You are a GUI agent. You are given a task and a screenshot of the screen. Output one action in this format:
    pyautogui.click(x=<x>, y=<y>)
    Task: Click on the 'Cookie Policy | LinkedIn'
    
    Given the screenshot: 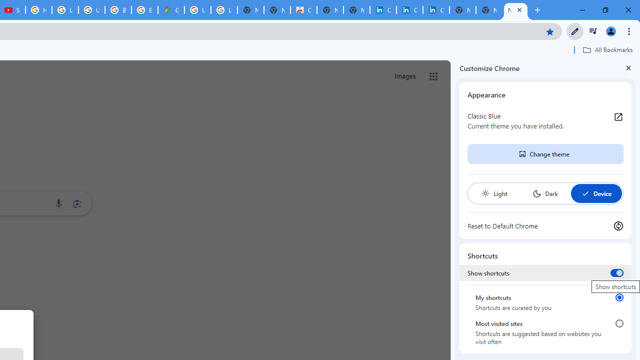 What is the action you would take?
    pyautogui.click(x=382, y=10)
    